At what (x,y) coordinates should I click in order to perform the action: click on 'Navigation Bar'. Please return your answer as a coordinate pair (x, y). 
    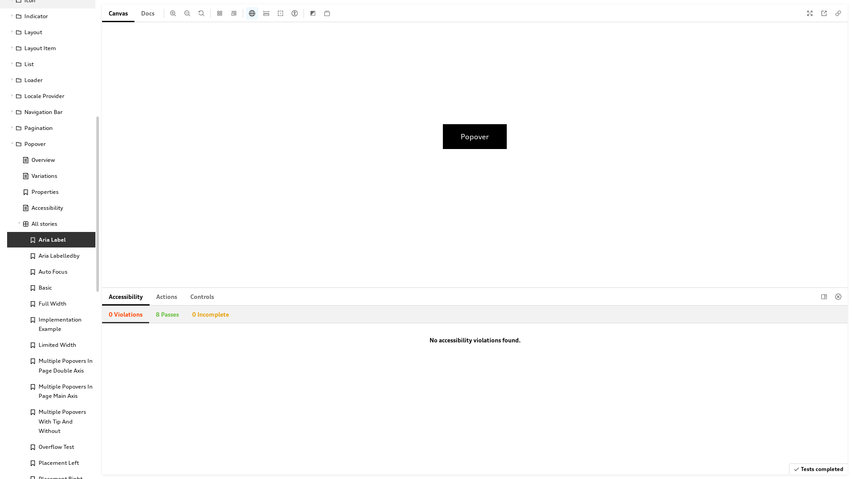
    Looking at the image, I should click on (47, 112).